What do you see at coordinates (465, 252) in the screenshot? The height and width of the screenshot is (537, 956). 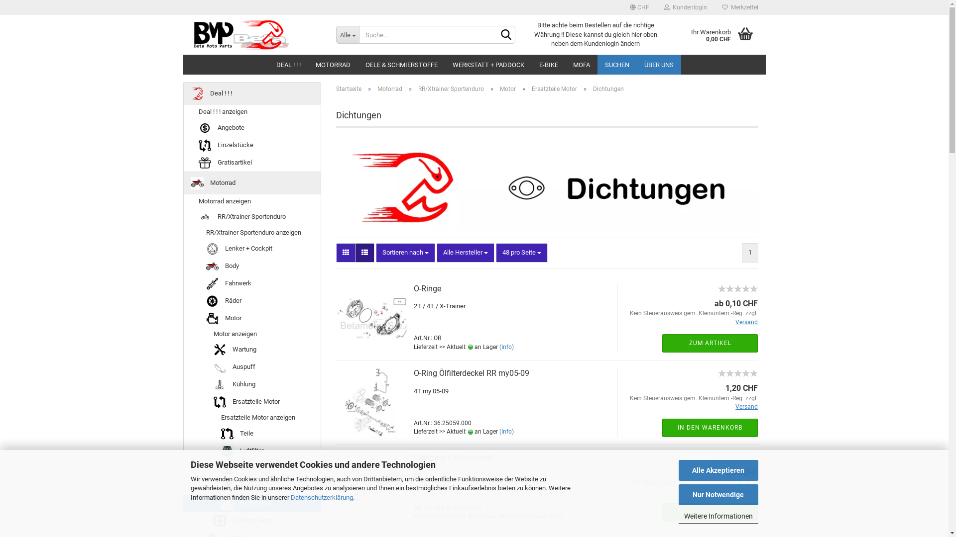 I see `'Alle Hersteller'` at bounding box center [465, 252].